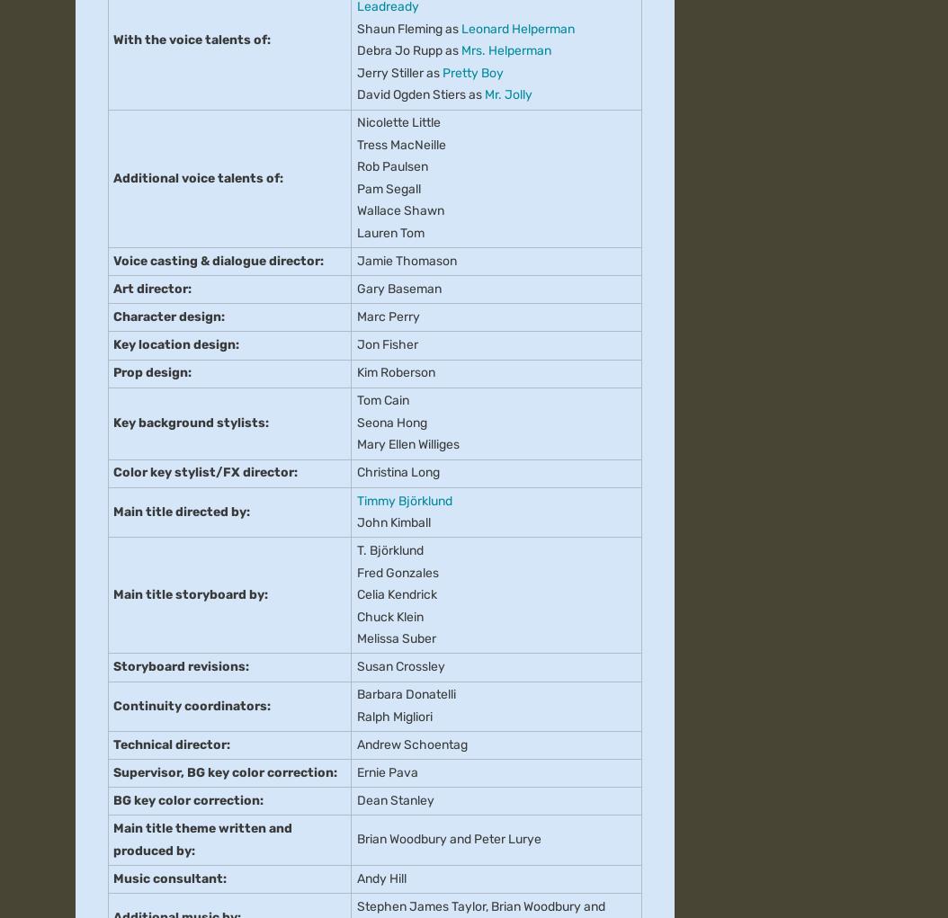  Describe the element at coordinates (75, 108) in the screenshot. I see `'Overview'` at that location.